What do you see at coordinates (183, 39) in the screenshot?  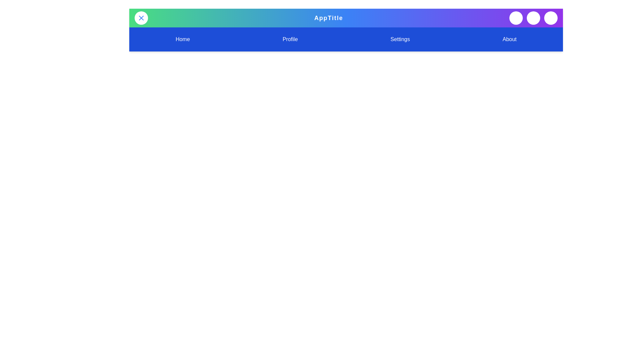 I see `the 'Home' navigation item` at bounding box center [183, 39].